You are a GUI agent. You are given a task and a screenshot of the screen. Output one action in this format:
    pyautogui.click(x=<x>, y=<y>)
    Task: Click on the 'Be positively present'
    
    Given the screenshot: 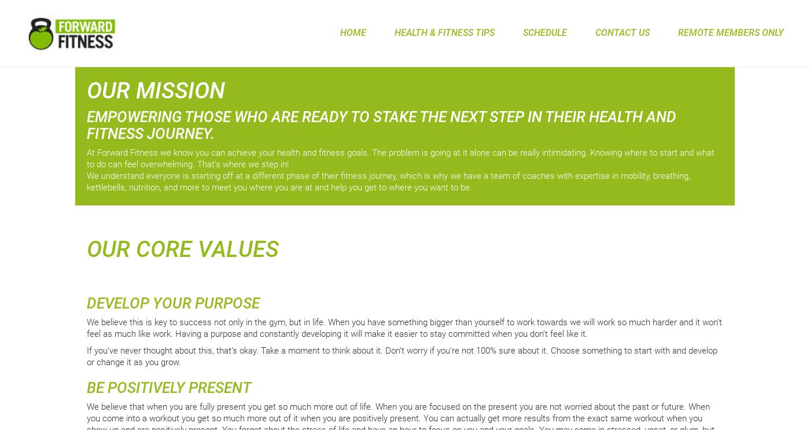 What is the action you would take?
    pyautogui.click(x=169, y=387)
    